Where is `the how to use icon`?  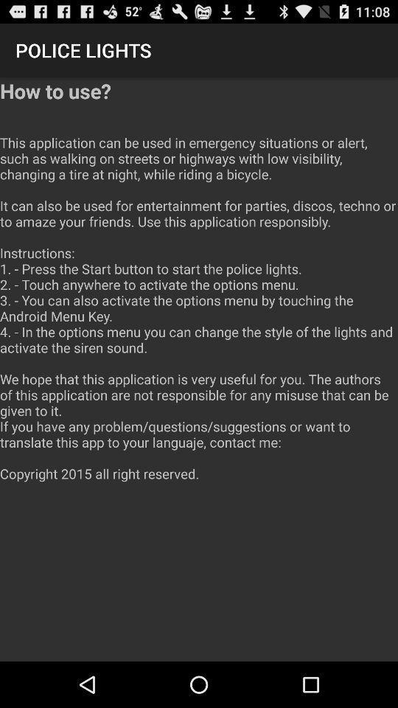 the how to use icon is located at coordinates (199, 287).